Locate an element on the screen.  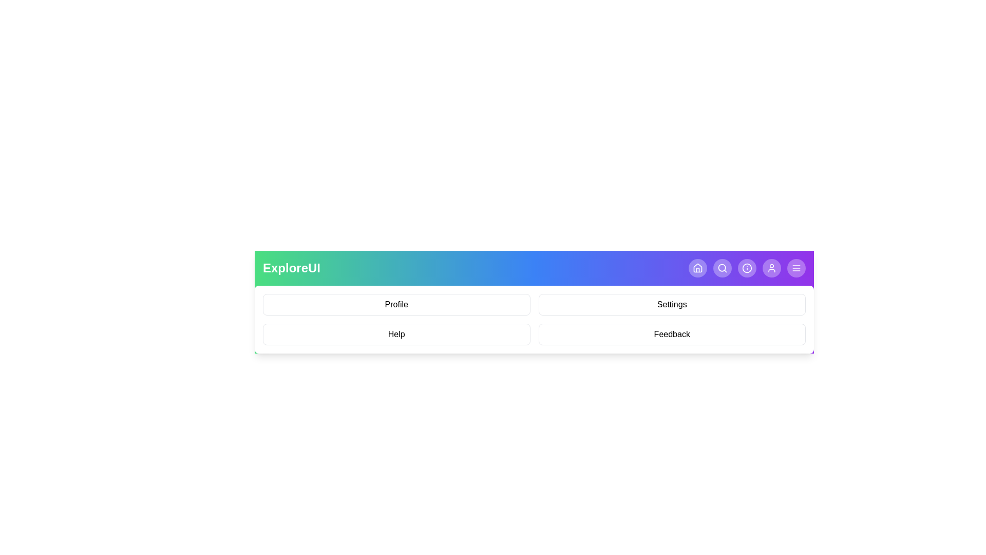
the Info navigation button in the app bar is located at coordinates (747, 267).